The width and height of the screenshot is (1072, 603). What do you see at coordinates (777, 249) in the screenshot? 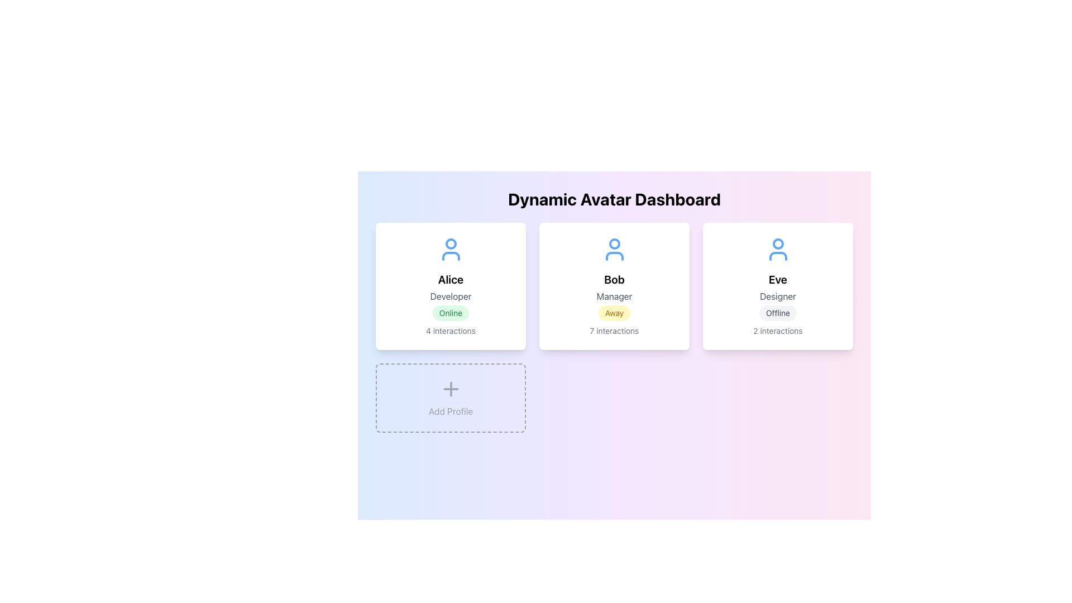
I see `the user profile icon, which is a minimalistic blue outline located at the top of the card for 'Eve'` at bounding box center [777, 249].